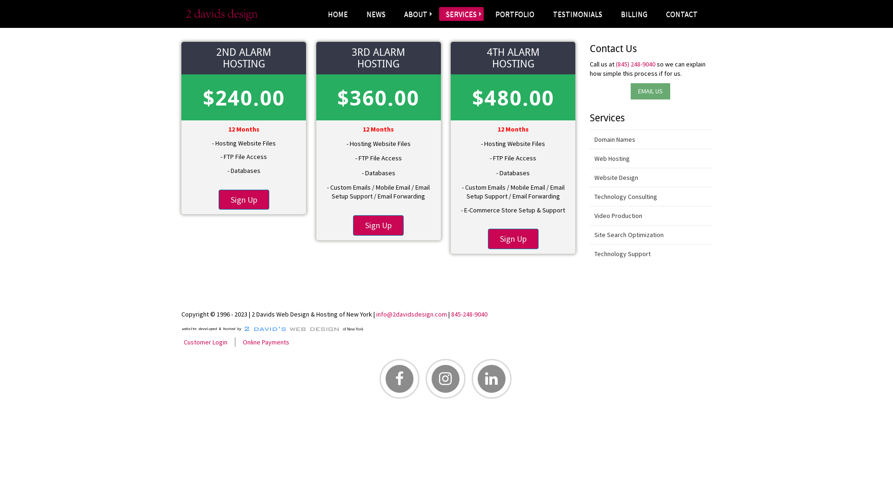 The image size is (893, 502). Describe the element at coordinates (415, 14) in the screenshot. I see `'ABOUT'` at that location.